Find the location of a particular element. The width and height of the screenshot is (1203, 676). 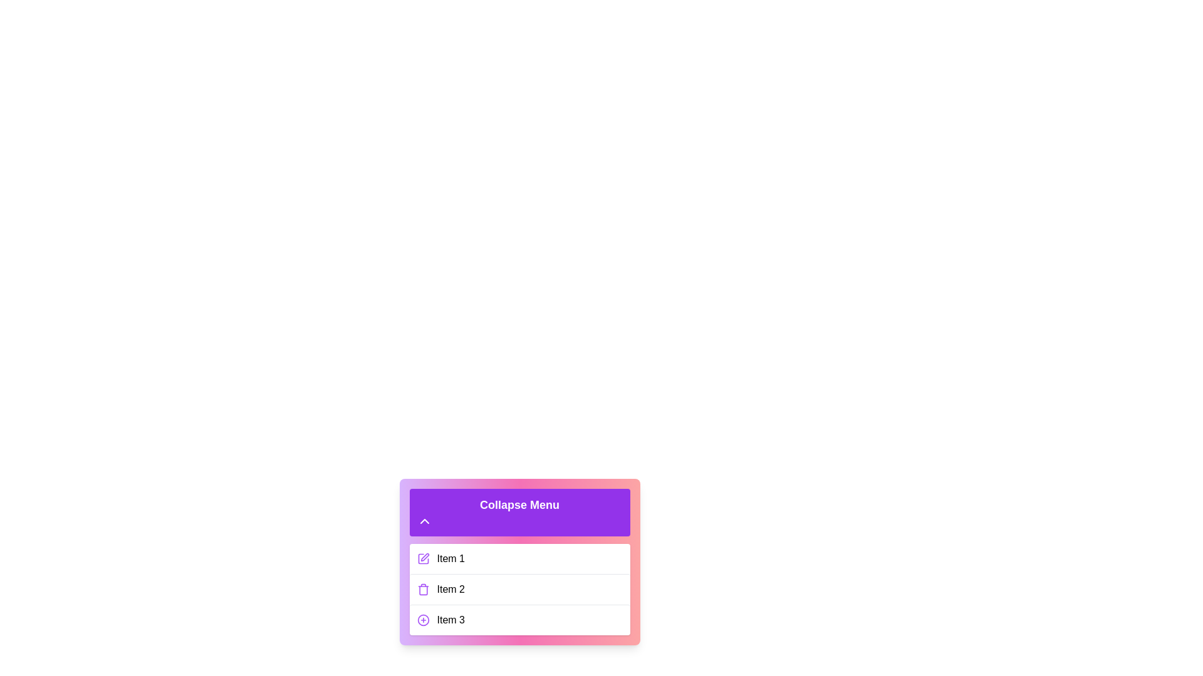

the menu item labeled Item 1 is located at coordinates (519, 558).